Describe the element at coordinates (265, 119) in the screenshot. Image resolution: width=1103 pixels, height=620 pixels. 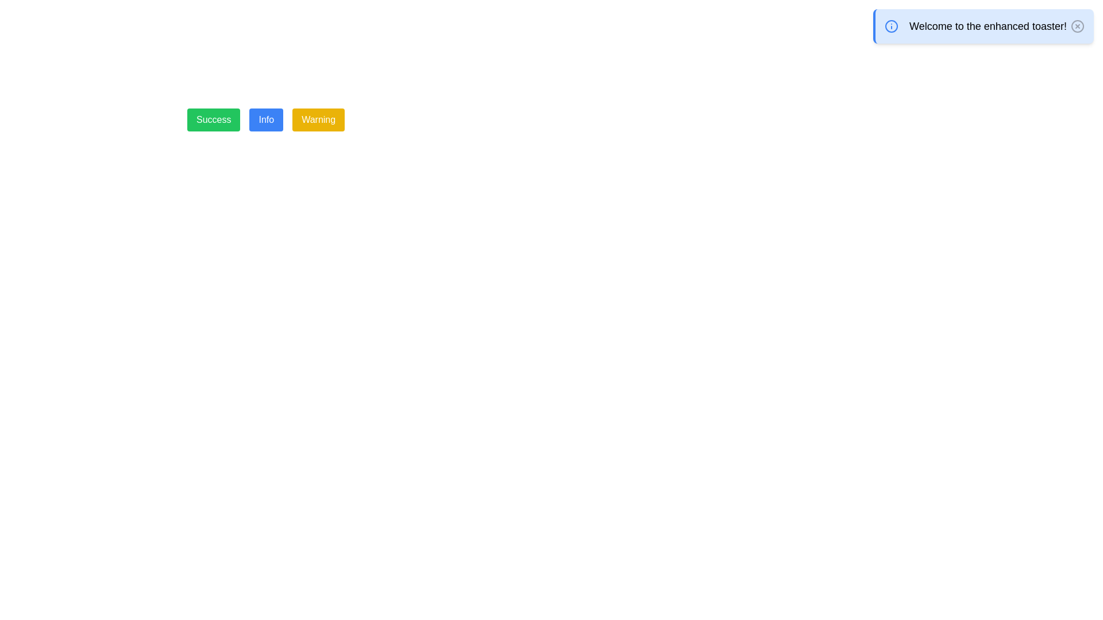
I see `the 'Info' button, which is a medium-sized button with a blue background and white text, located between the 'Success' and 'Warning' buttons` at that location.